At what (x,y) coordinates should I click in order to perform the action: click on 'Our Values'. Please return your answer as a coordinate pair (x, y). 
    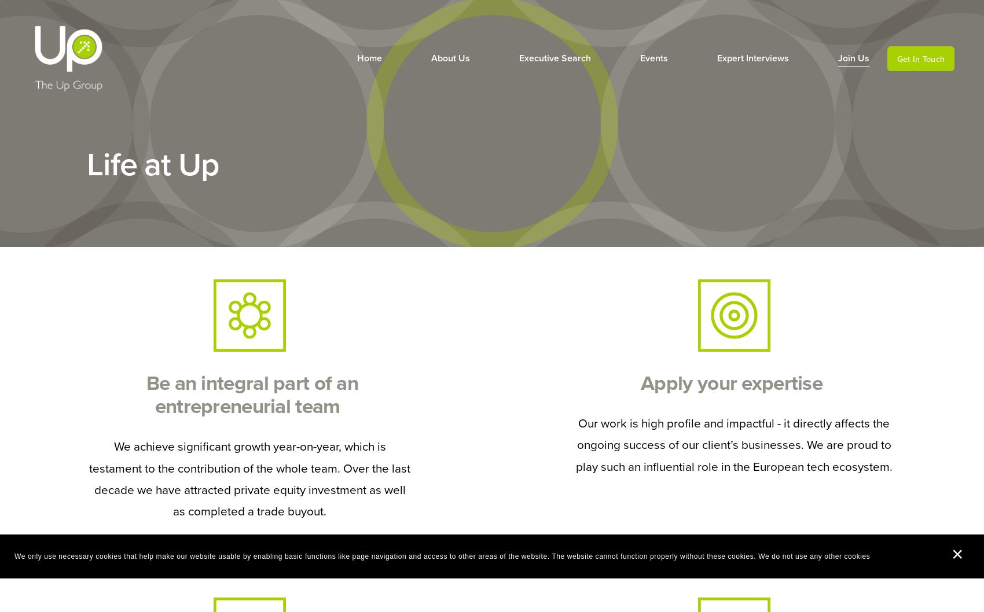
    Looking at the image, I should click on (424, 148).